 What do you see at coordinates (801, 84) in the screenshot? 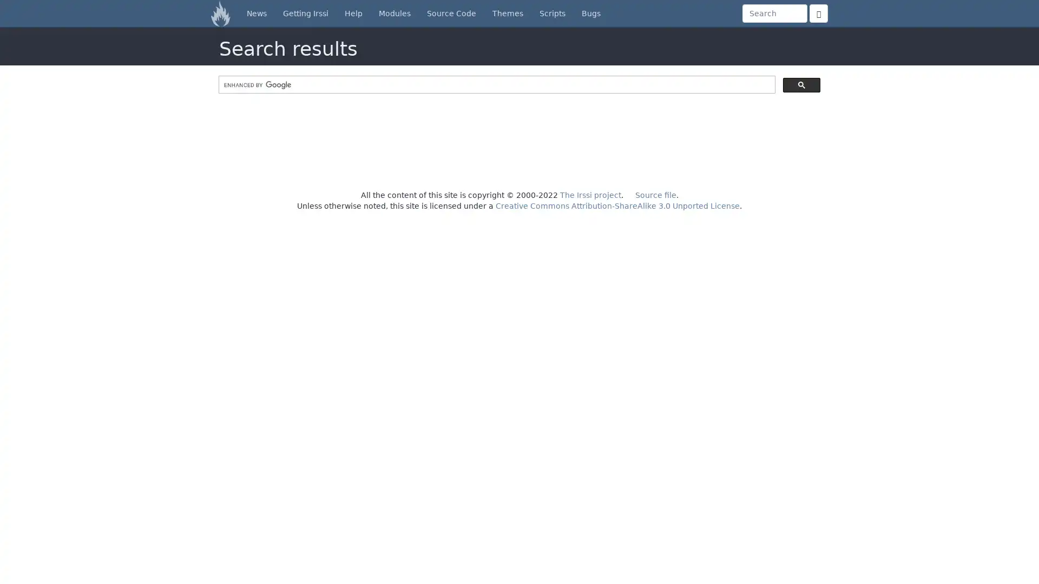
I see `search` at bounding box center [801, 84].